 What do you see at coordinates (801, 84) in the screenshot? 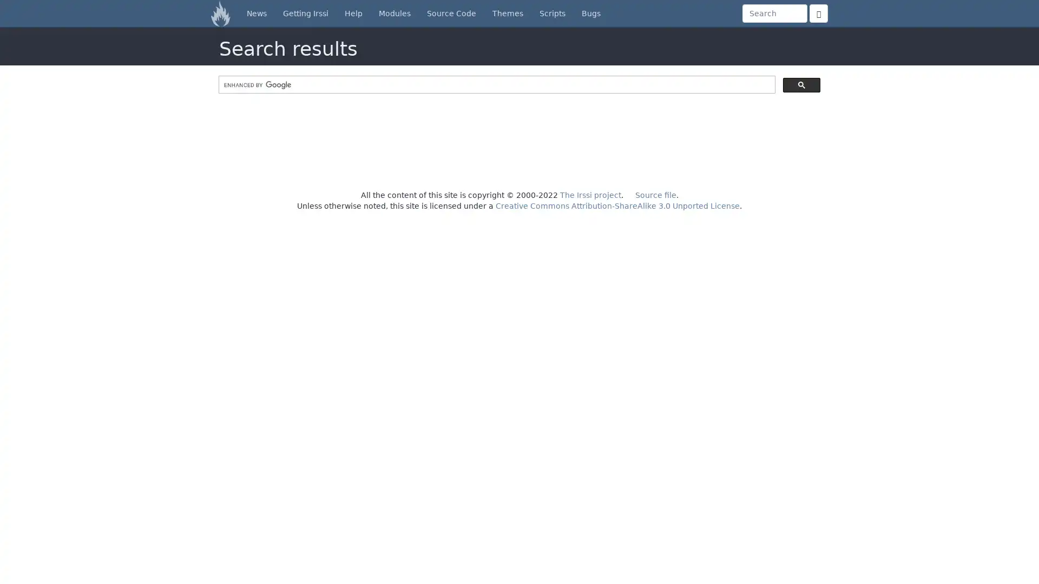
I see `search` at bounding box center [801, 84].